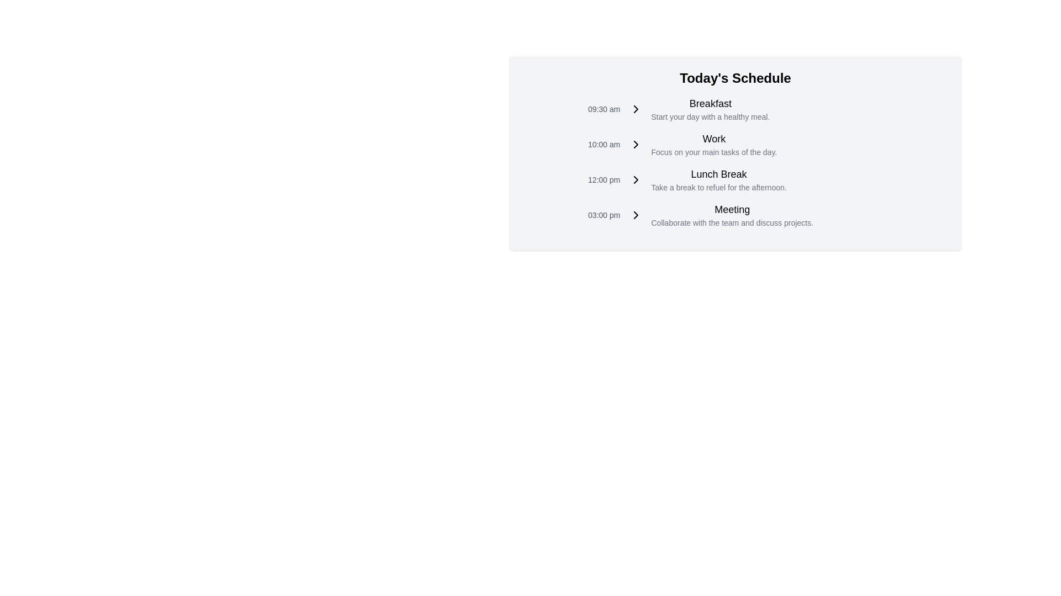 This screenshot has height=596, width=1061. Describe the element at coordinates (714, 138) in the screenshot. I see `the bolded text label reading 'Work', which is centrally positioned under the '10:00 am' entry in the schedule` at that location.